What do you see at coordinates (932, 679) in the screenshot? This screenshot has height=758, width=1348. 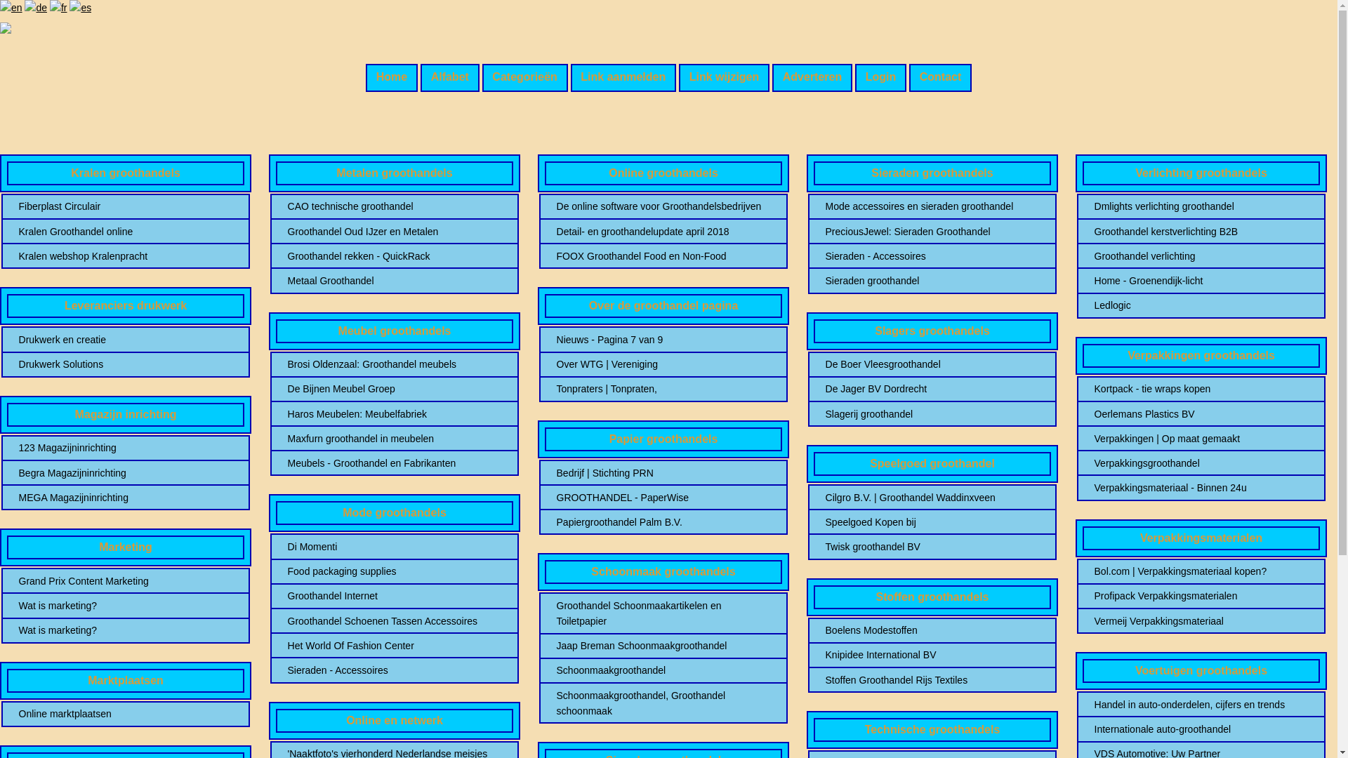 I see `'Stoffen Groothandel Rijs Textiles'` at bounding box center [932, 679].